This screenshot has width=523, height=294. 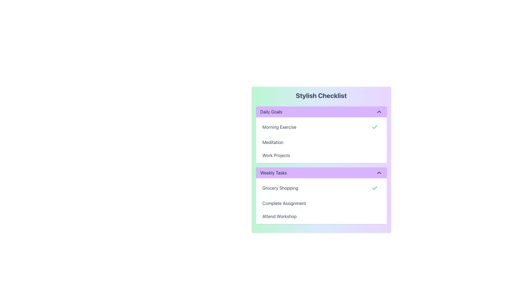 What do you see at coordinates (379, 173) in the screenshot?
I see `the chevron-up icon toggle control located in the right section of the 'Weekly Tasks' header, which is represented as an upward-pointing arrow with a minimalist line style` at bounding box center [379, 173].